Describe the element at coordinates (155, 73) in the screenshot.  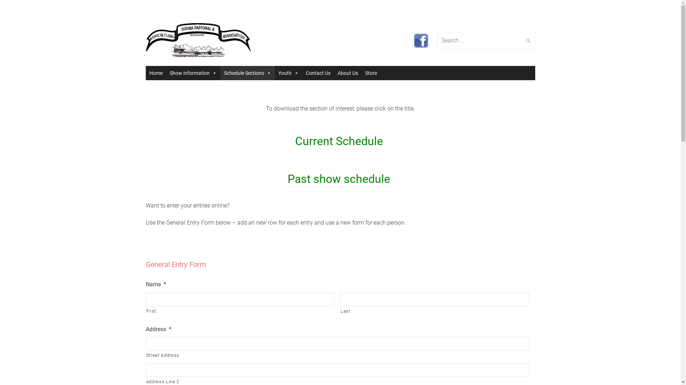
I see `'Home'` at that location.